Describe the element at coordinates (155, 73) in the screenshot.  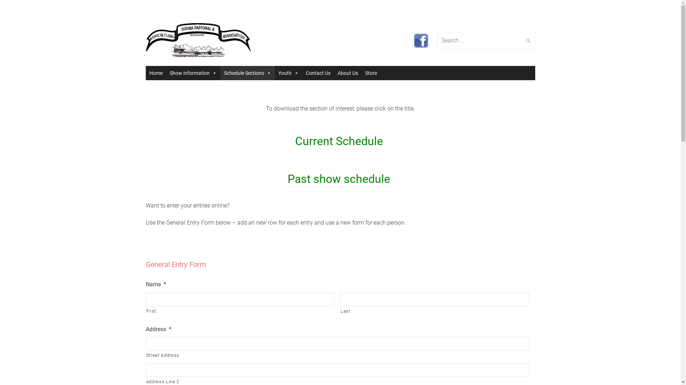
I see `'Home'` at that location.